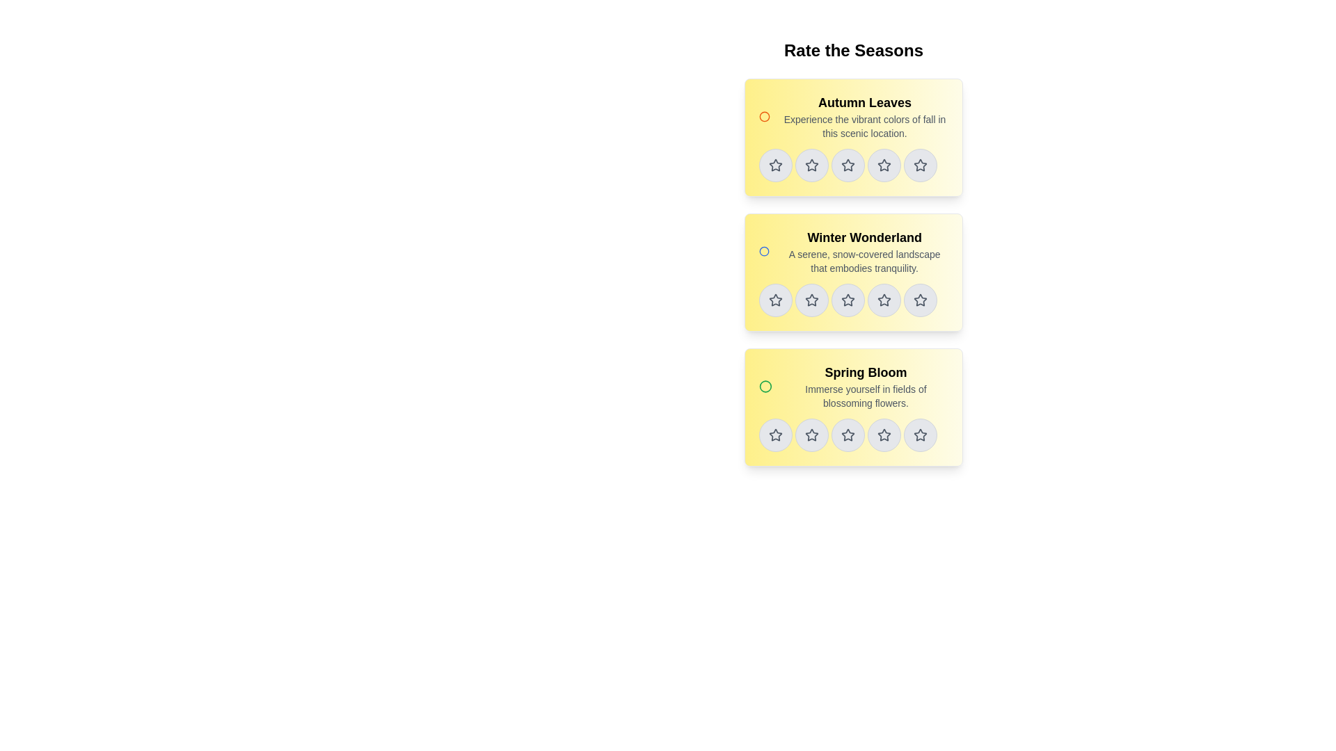 This screenshot has height=751, width=1336. Describe the element at coordinates (763, 252) in the screenshot. I see `the blue-outlined circle decorative marker located above the star icons and aligned left of the 'Winter Wonderland' text heading` at that location.